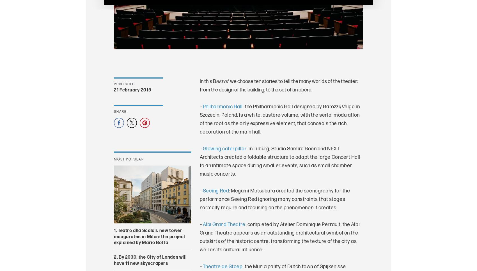 Image resolution: width=477 pixels, height=271 pixels. I want to click on 'Share', so click(120, 111).